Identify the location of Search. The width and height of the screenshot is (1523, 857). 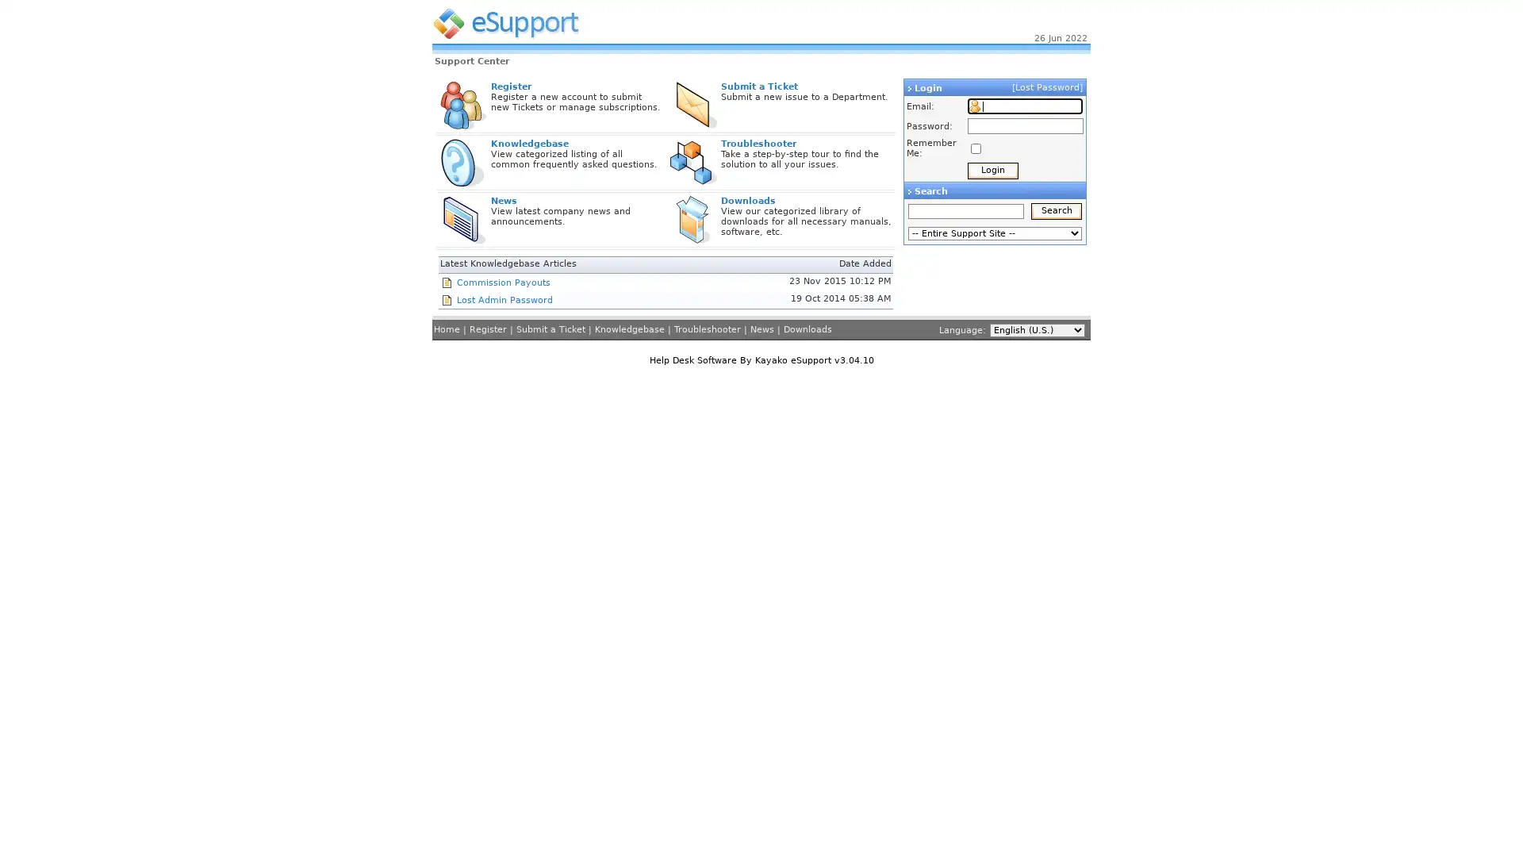
(1057, 210).